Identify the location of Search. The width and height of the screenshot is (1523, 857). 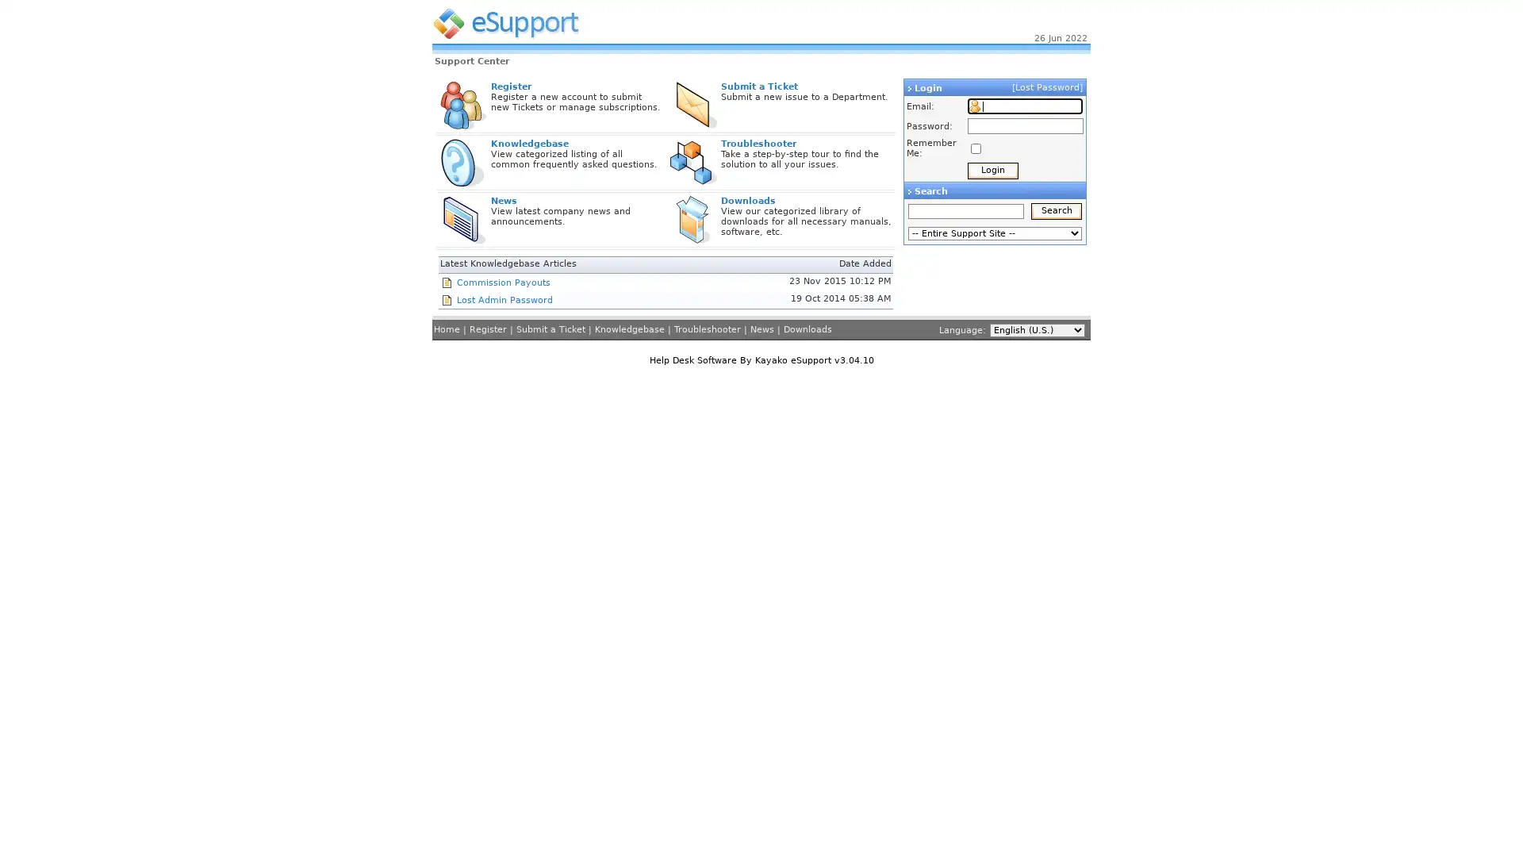
(1057, 210).